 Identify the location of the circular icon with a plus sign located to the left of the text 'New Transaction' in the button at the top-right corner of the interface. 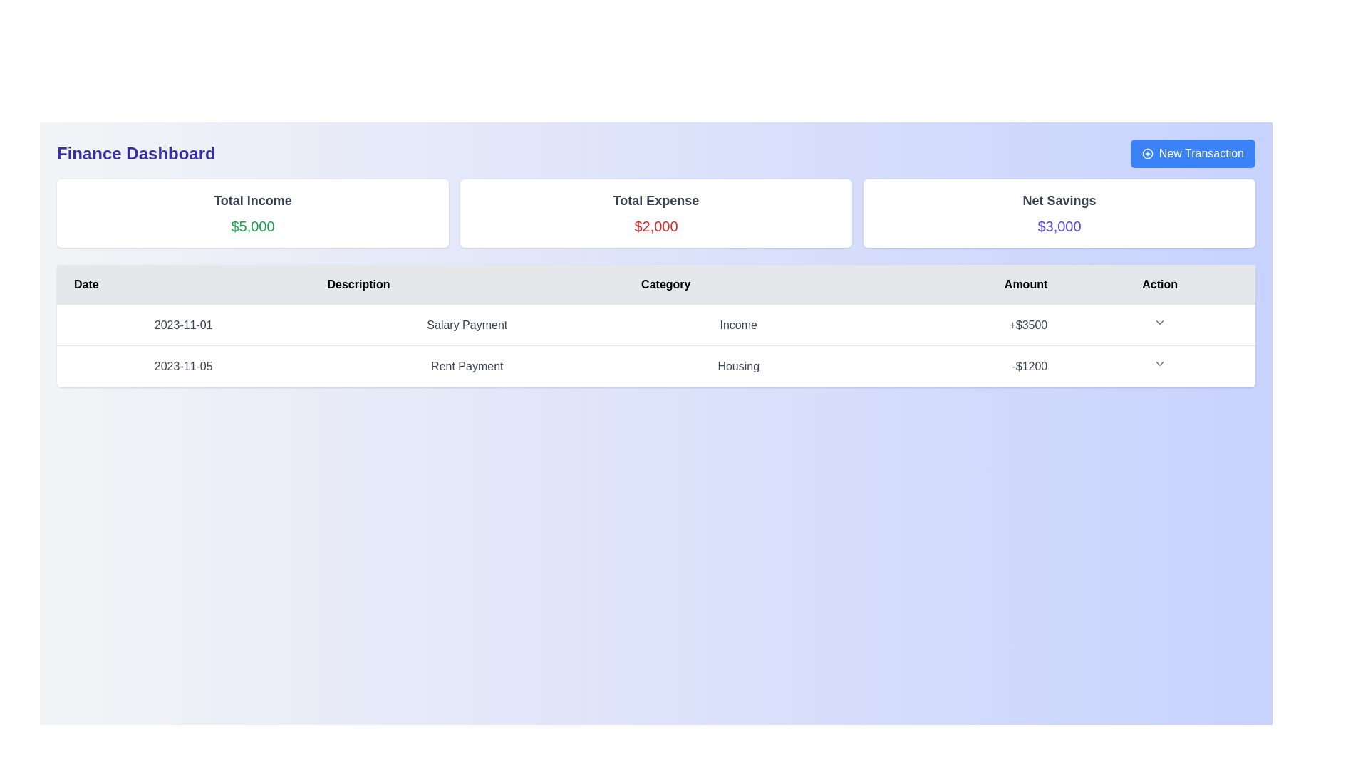
(1147, 154).